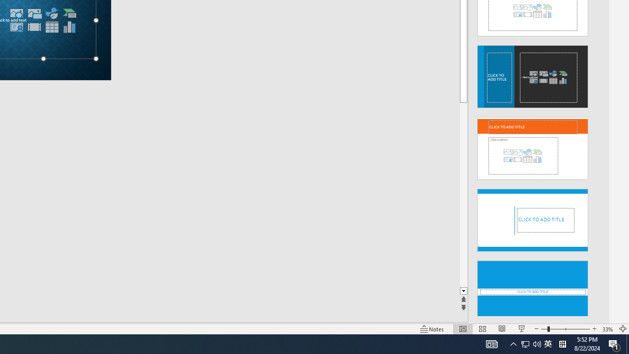  What do you see at coordinates (69, 27) in the screenshot?
I see `'Insert Chart'` at bounding box center [69, 27].